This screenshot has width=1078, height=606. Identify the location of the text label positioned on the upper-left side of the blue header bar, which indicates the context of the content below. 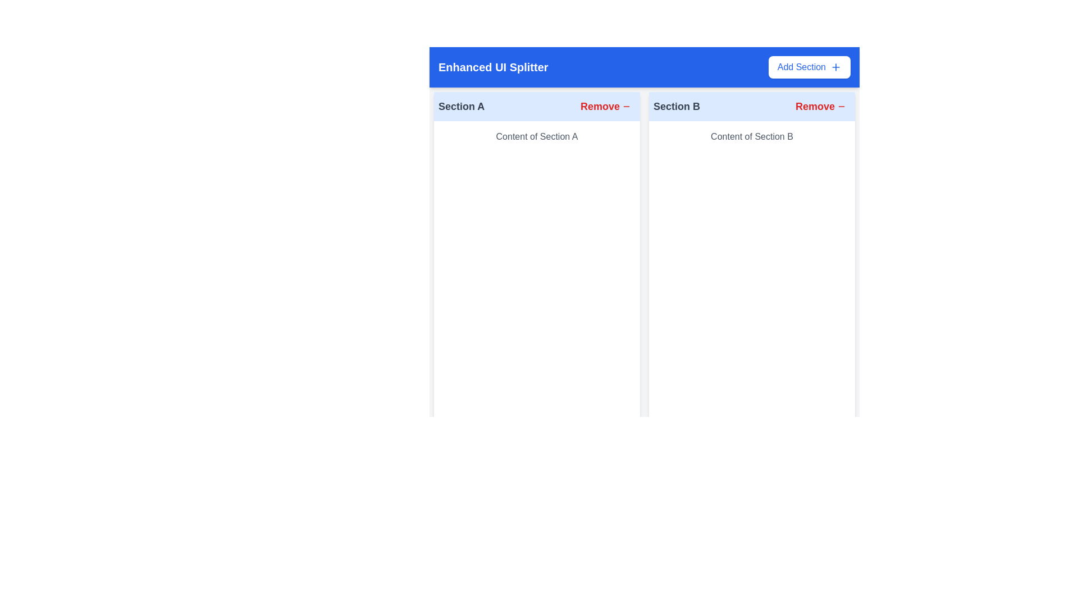
(493, 67).